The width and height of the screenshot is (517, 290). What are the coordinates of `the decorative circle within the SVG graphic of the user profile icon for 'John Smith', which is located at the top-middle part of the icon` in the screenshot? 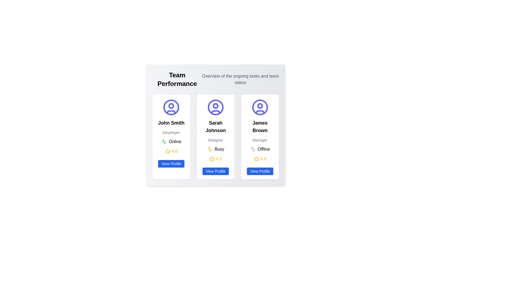 It's located at (171, 106).